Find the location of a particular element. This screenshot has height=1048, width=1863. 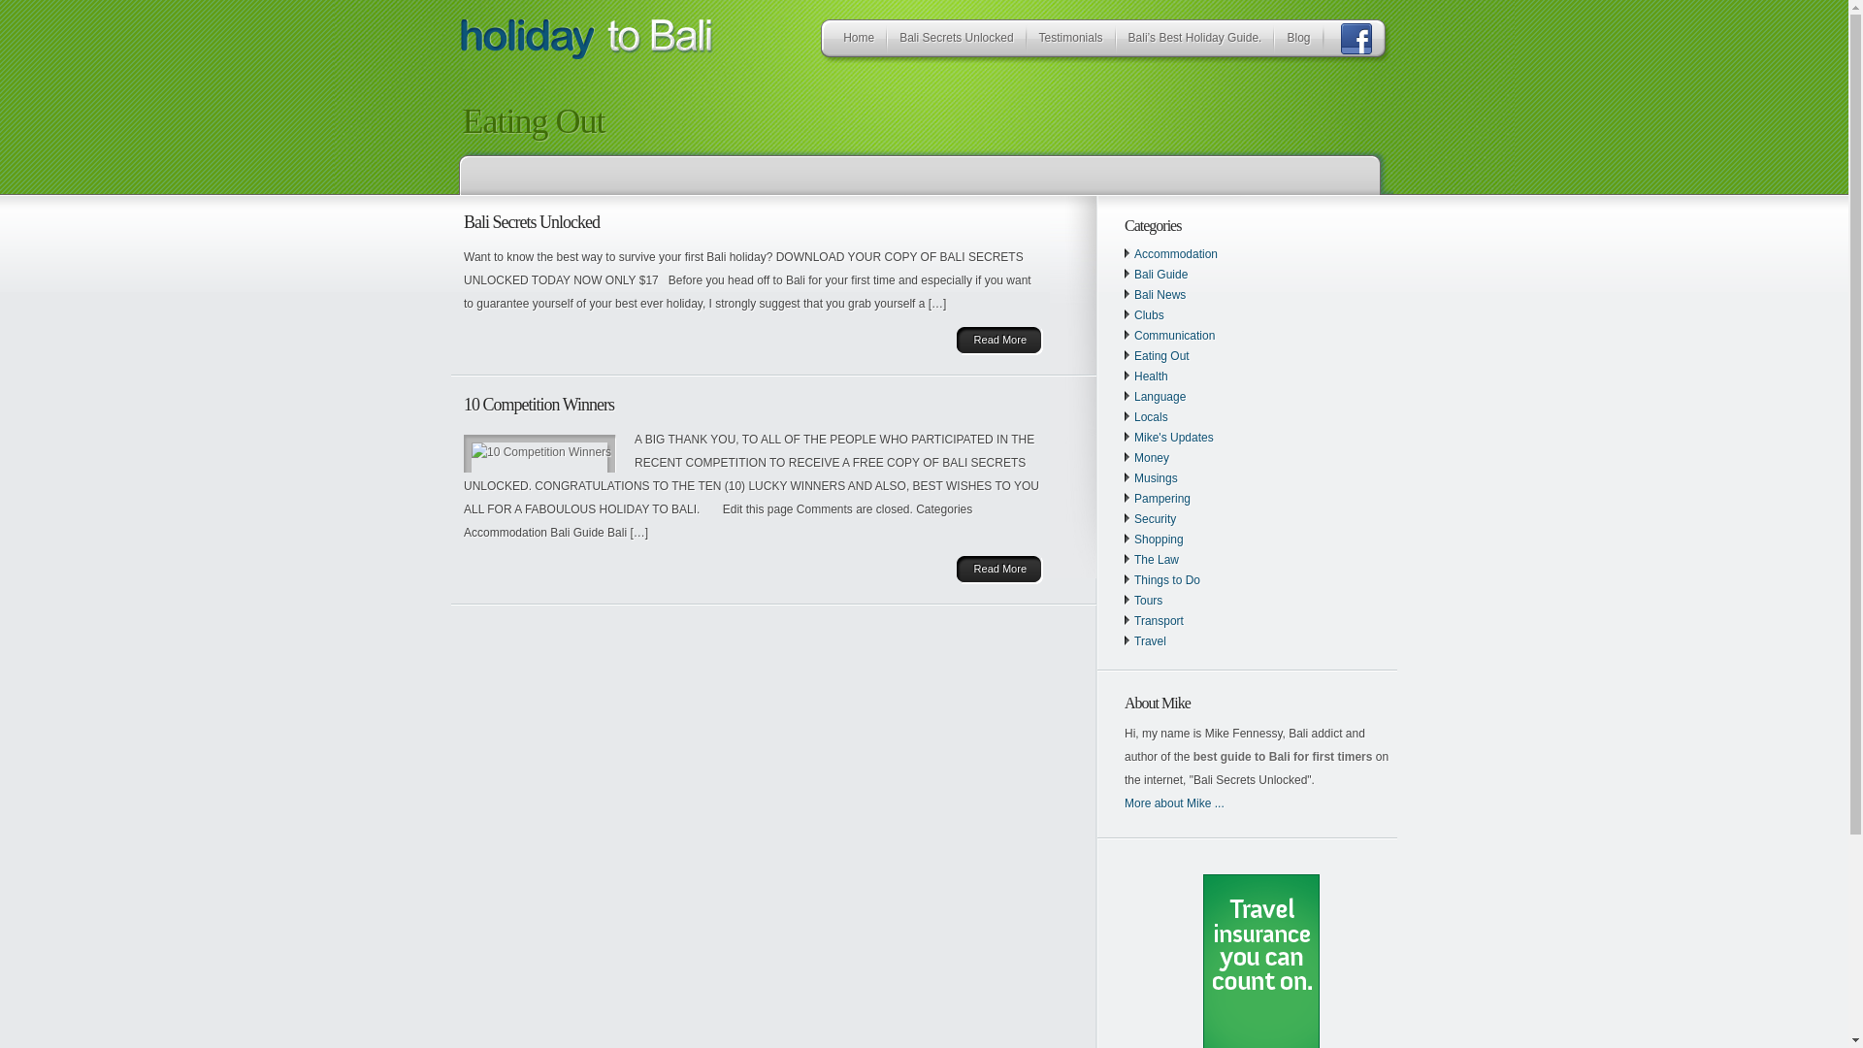

'Clubs' is located at coordinates (1149, 313).